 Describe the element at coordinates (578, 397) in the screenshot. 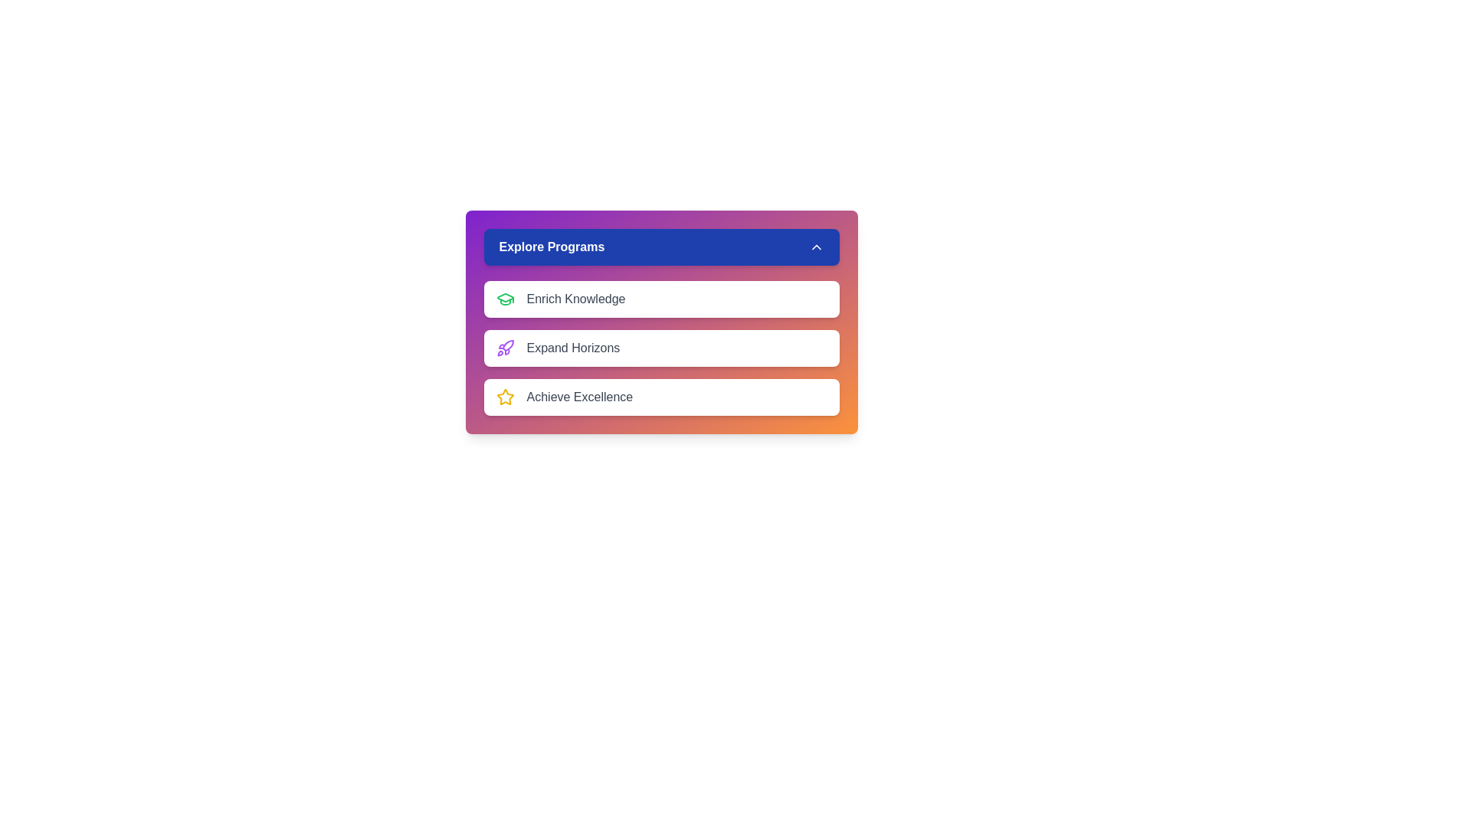

I see `text label located in the bottom row of the list, positioned to the right of a yellow star icon, which describes a feature or action` at that location.